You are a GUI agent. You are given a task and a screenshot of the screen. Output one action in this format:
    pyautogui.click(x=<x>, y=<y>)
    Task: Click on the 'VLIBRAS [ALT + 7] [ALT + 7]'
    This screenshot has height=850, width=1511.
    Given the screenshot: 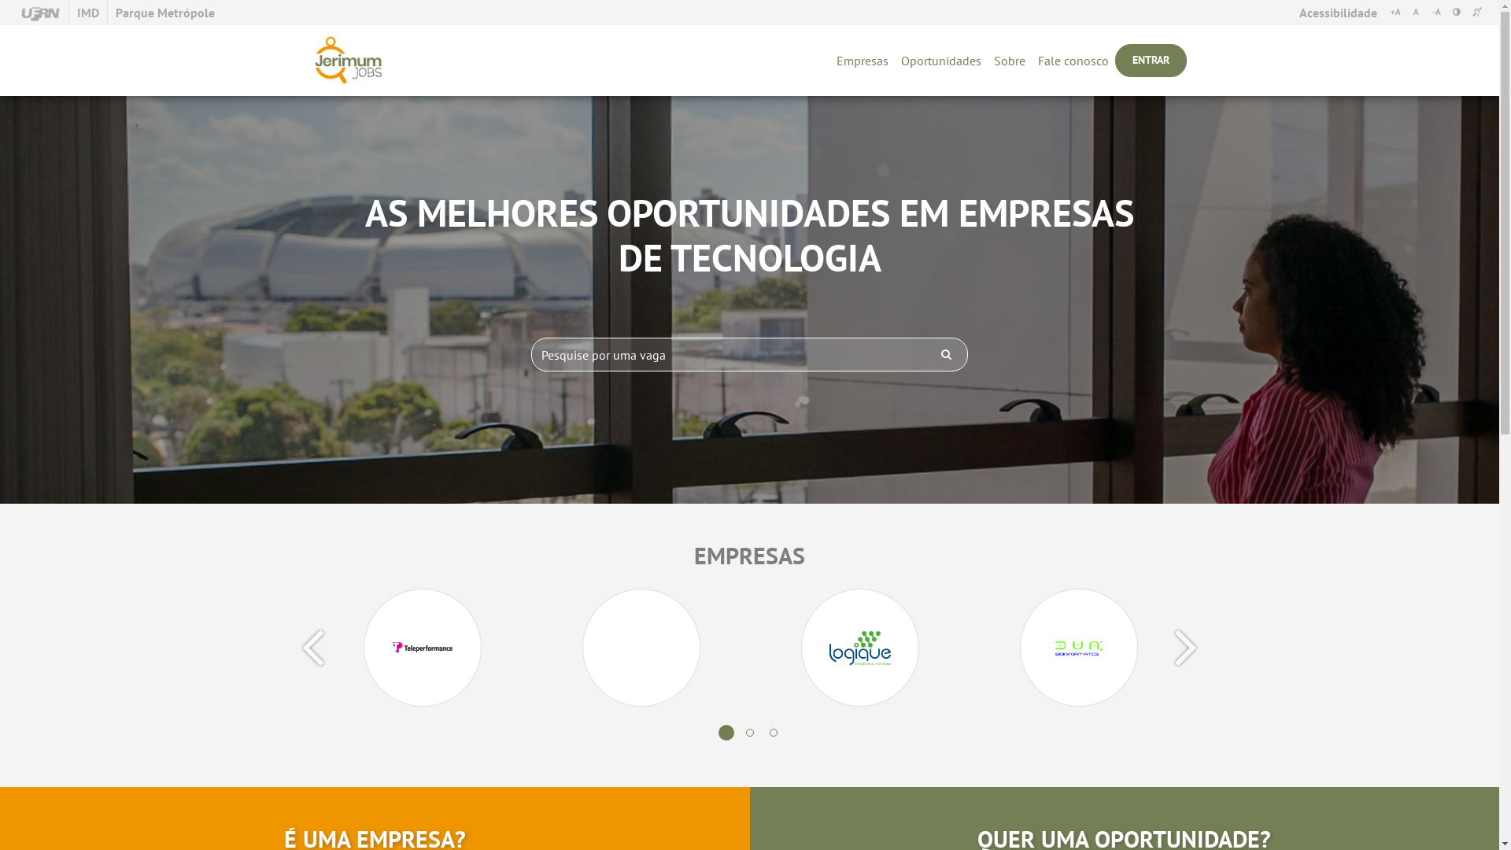 What is the action you would take?
    pyautogui.click(x=1476, y=12)
    